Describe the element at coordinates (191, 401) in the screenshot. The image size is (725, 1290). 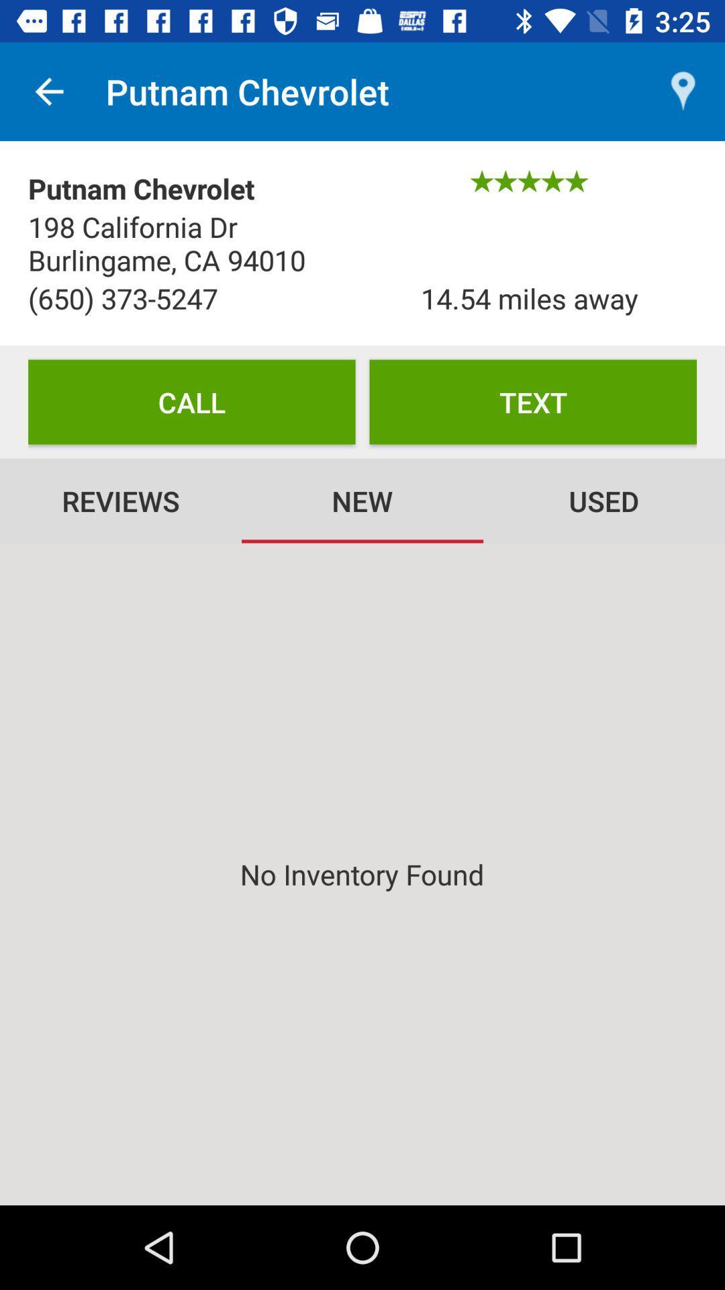
I see `the icon below the (650) 373-5247 item` at that location.